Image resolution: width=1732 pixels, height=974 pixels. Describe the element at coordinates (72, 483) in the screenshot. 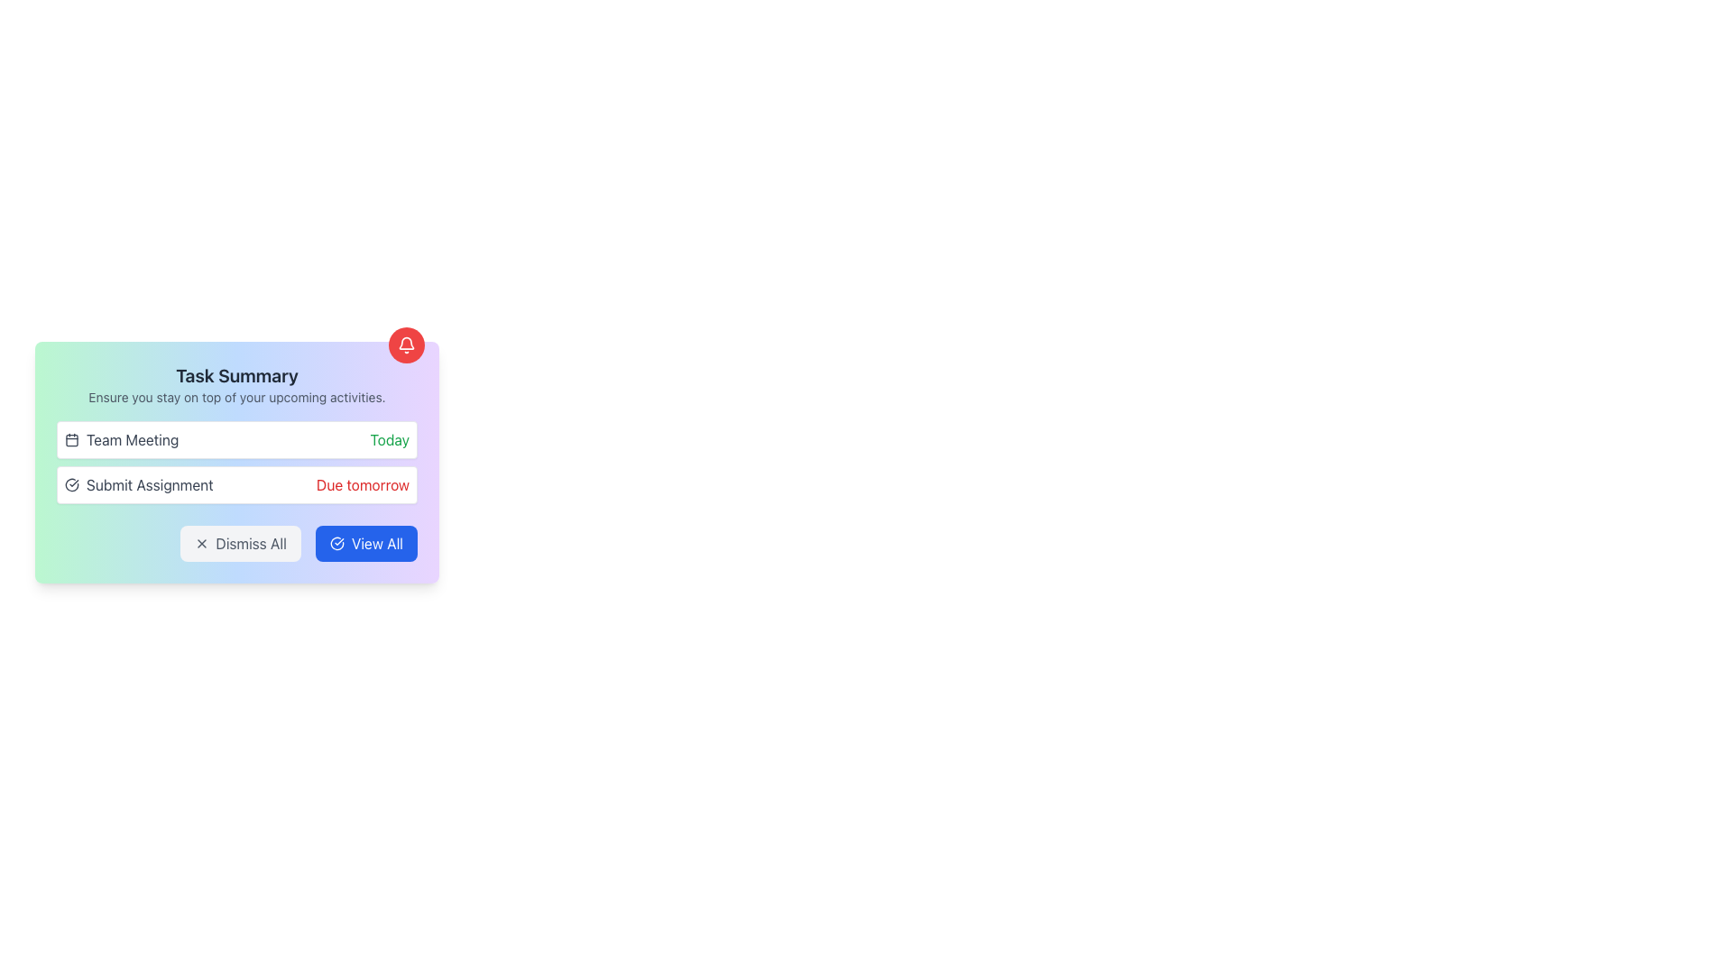

I see `the small circular check mark icon with a thin border located on the left side of the 'Submit Assignment' row, near the text label 'Submit Assignment'` at that location.